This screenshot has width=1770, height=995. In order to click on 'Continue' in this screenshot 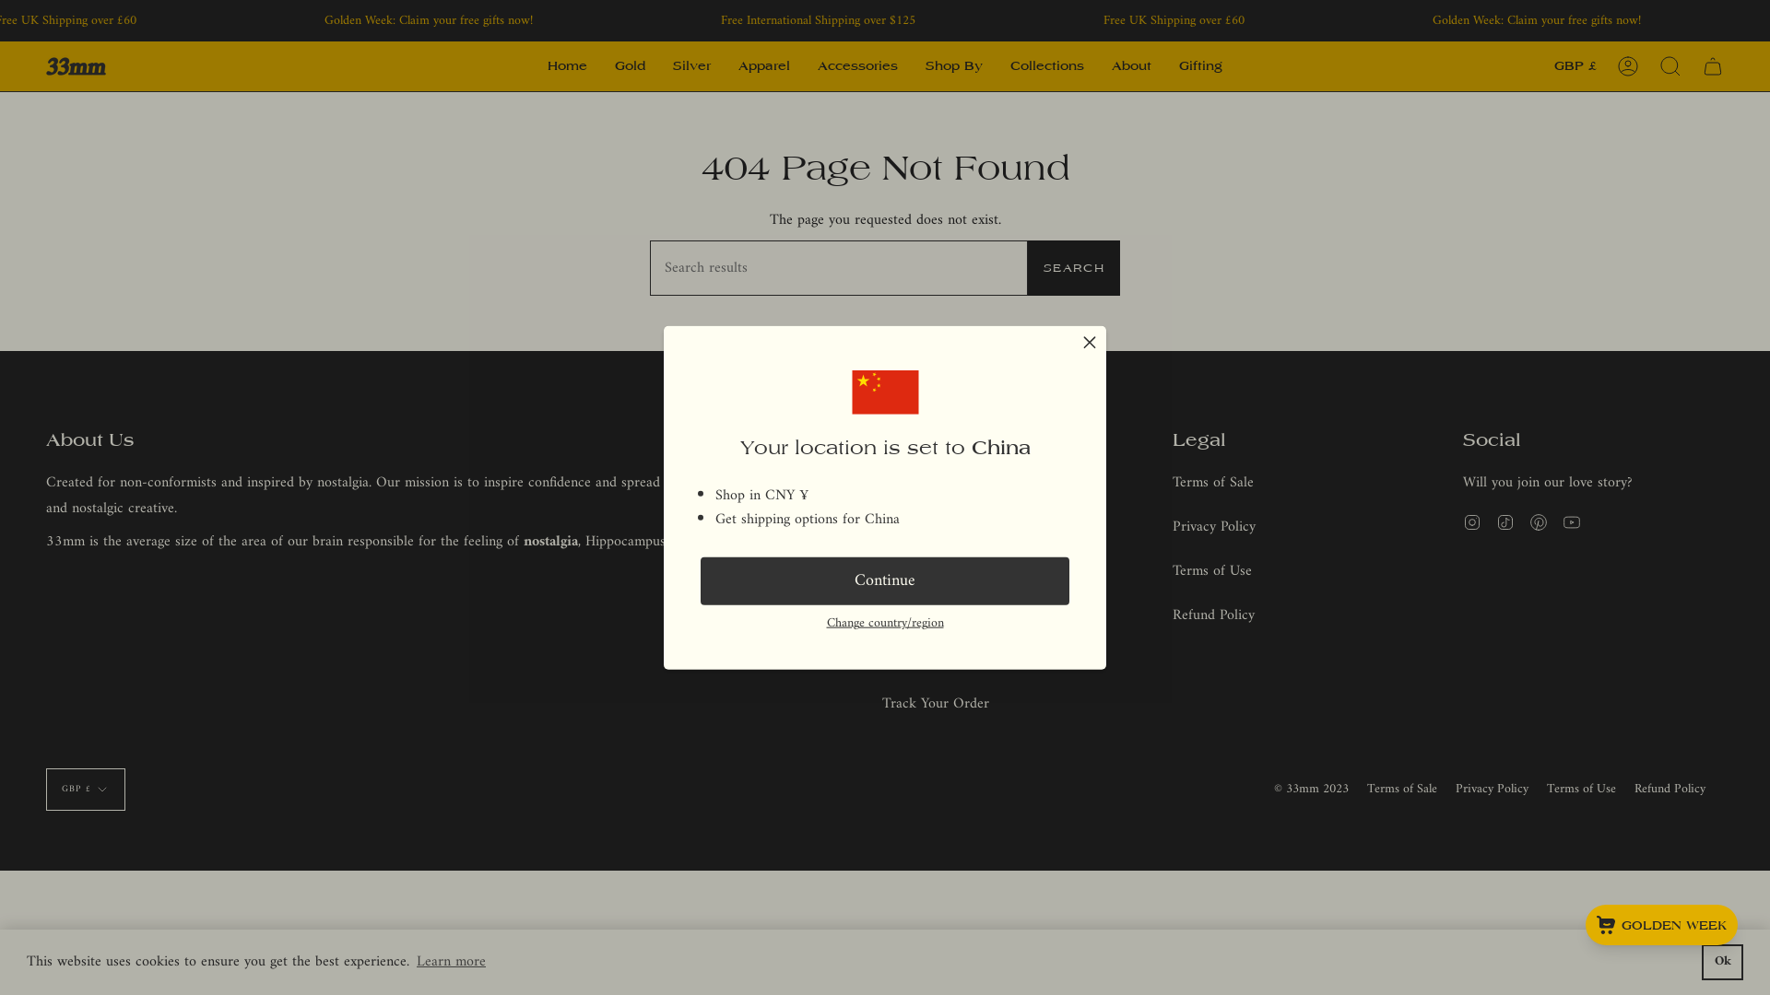, I will do `click(885, 581)`.